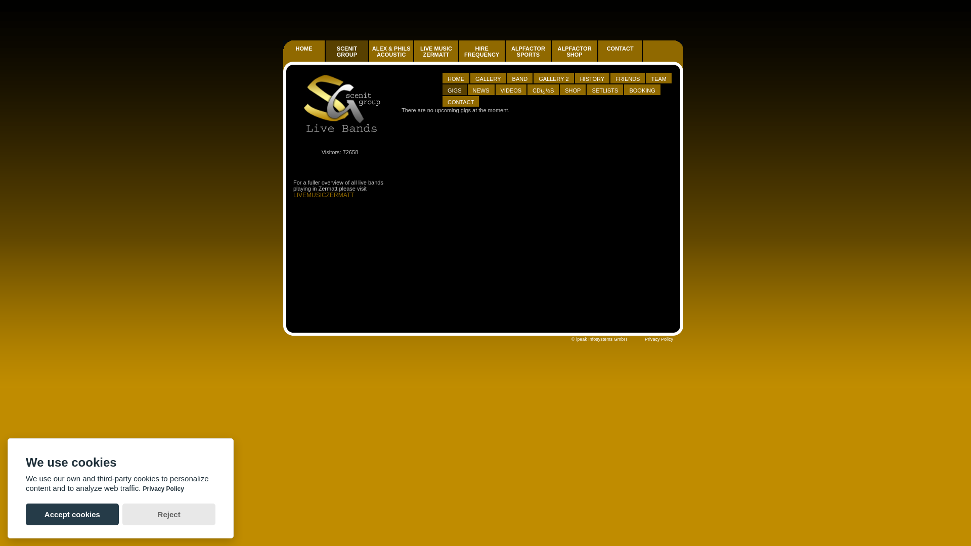 This screenshot has height=546, width=971. What do you see at coordinates (347, 56) in the screenshot?
I see `'SCENIT` at bounding box center [347, 56].